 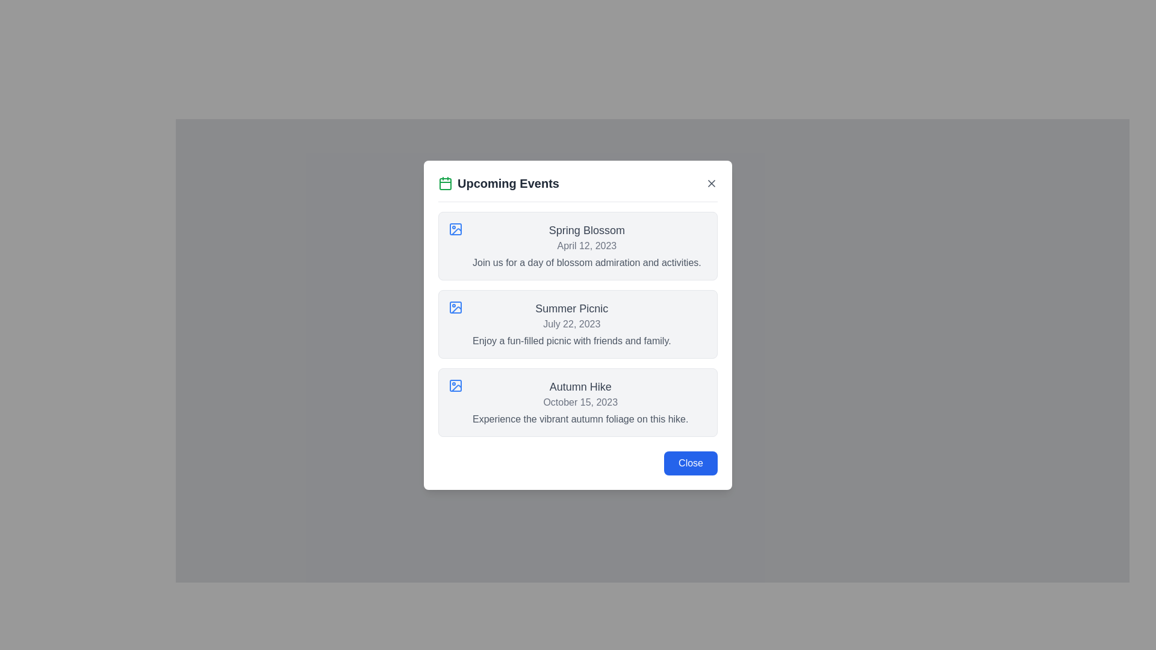 What do you see at coordinates (580, 402) in the screenshot?
I see `the date text label 'October 15, 2023' located below the title 'Autumn Hike' in the lower section of the card layout for the event` at bounding box center [580, 402].